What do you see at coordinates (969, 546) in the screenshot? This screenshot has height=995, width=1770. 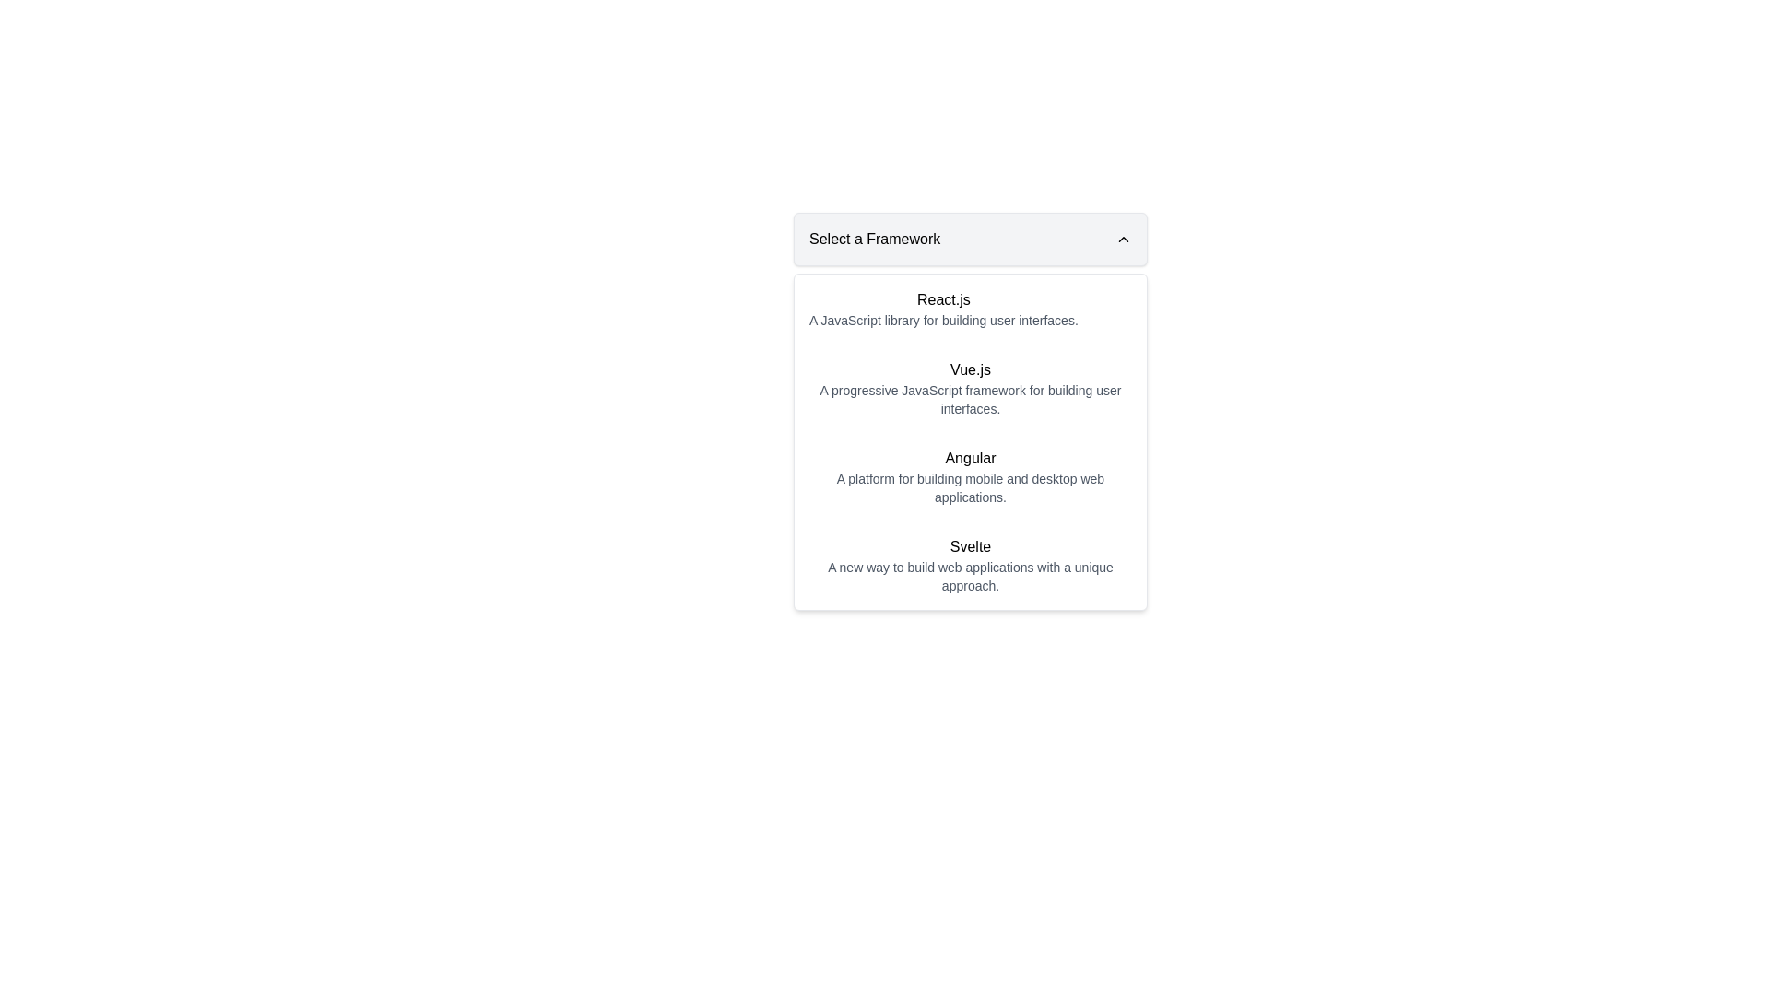 I see `the text label displaying 'Svelte'` at bounding box center [969, 546].